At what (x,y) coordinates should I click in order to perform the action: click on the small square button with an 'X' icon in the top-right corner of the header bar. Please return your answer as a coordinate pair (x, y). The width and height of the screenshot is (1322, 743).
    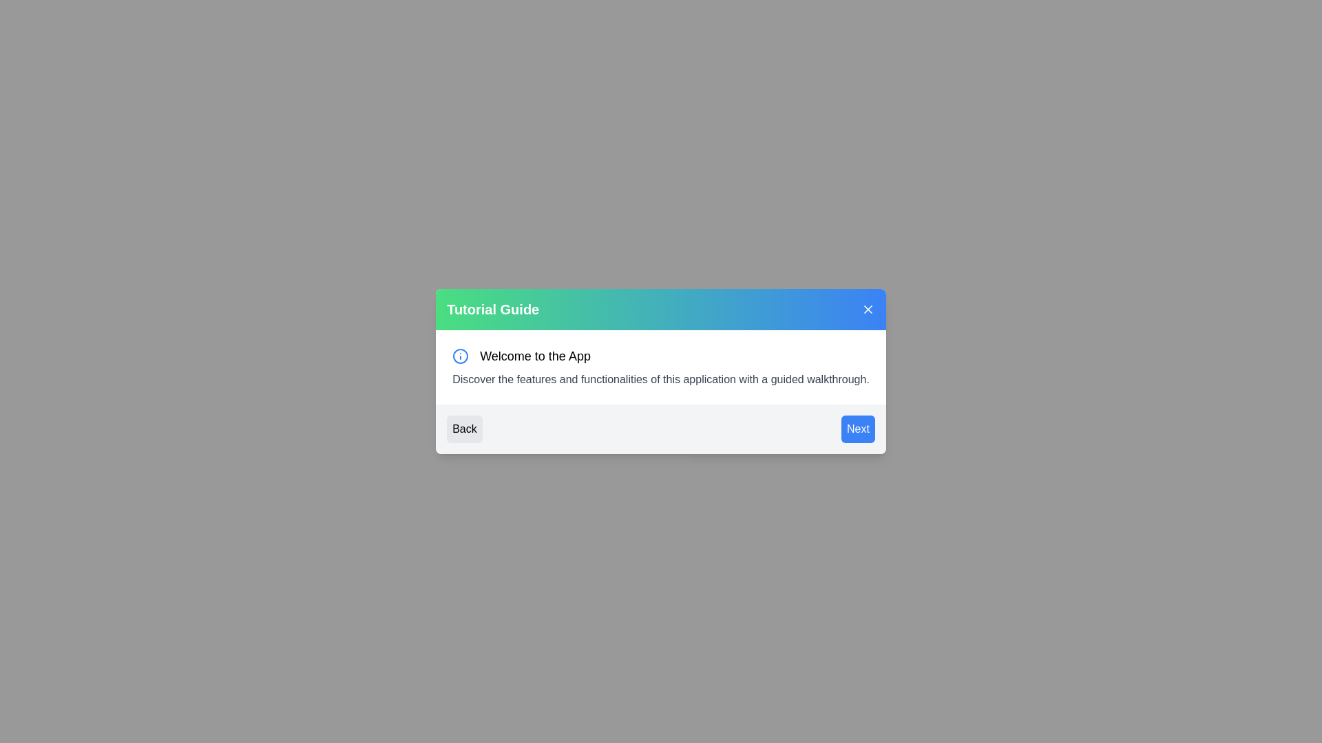
    Looking at the image, I should click on (867, 310).